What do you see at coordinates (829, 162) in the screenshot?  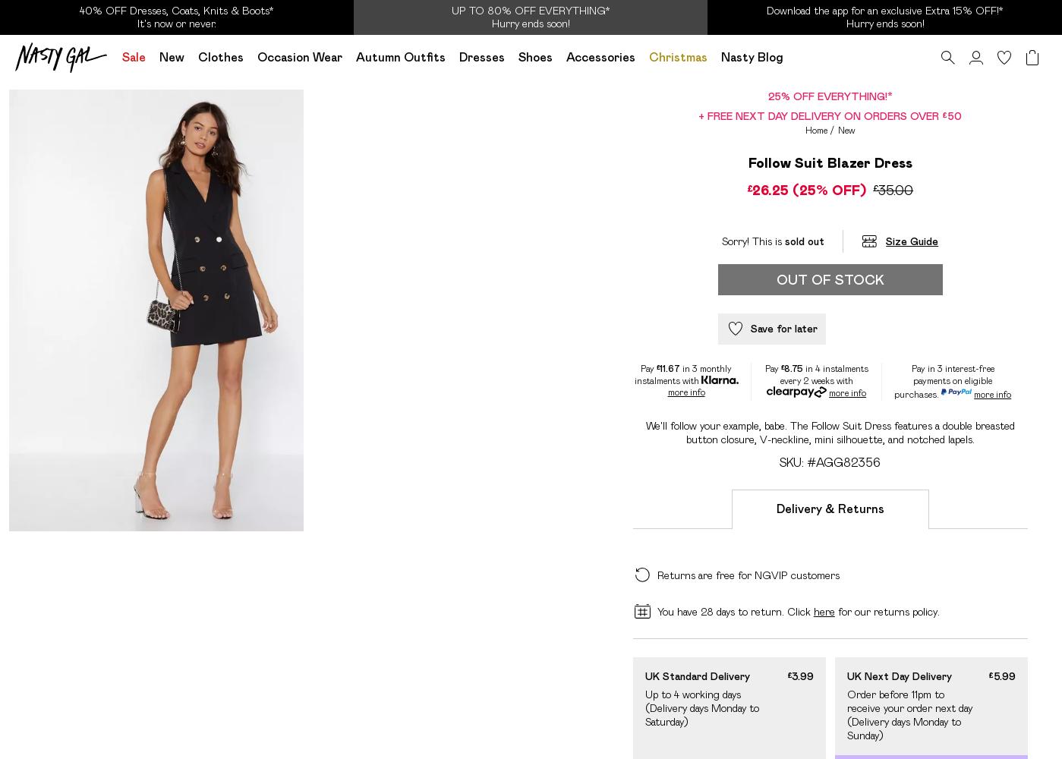 I see `'Follow Suit Blazer Dress'` at bounding box center [829, 162].